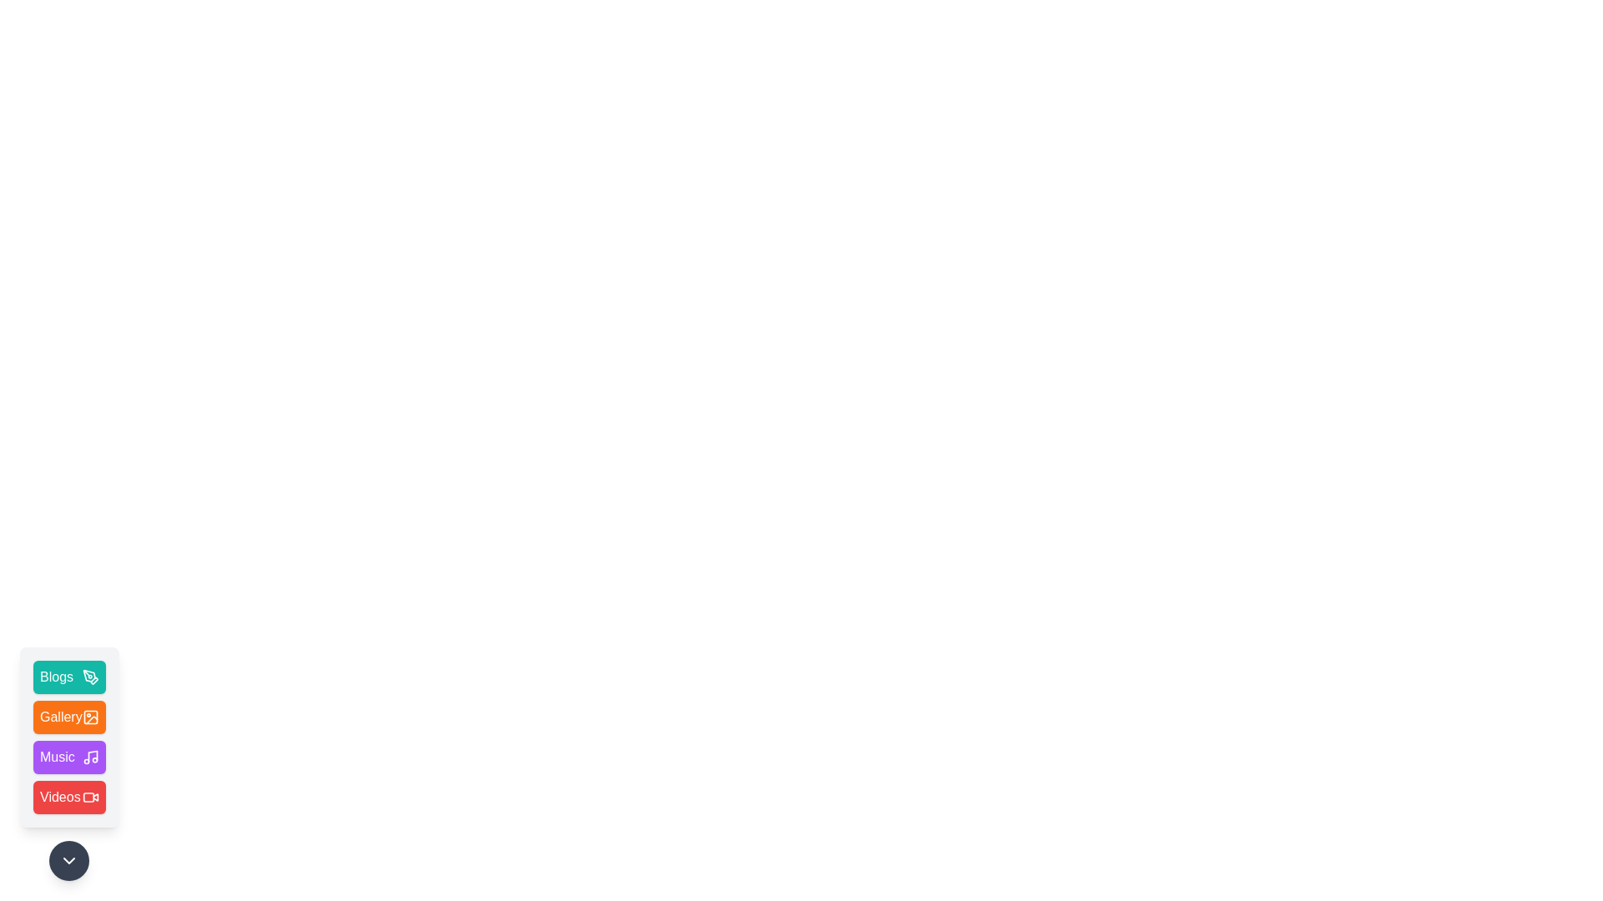 Image resolution: width=1603 pixels, height=901 pixels. Describe the element at coordinates (68, 677) in the screenshot. I see `the Blogs menu item to interact with it` at that location.